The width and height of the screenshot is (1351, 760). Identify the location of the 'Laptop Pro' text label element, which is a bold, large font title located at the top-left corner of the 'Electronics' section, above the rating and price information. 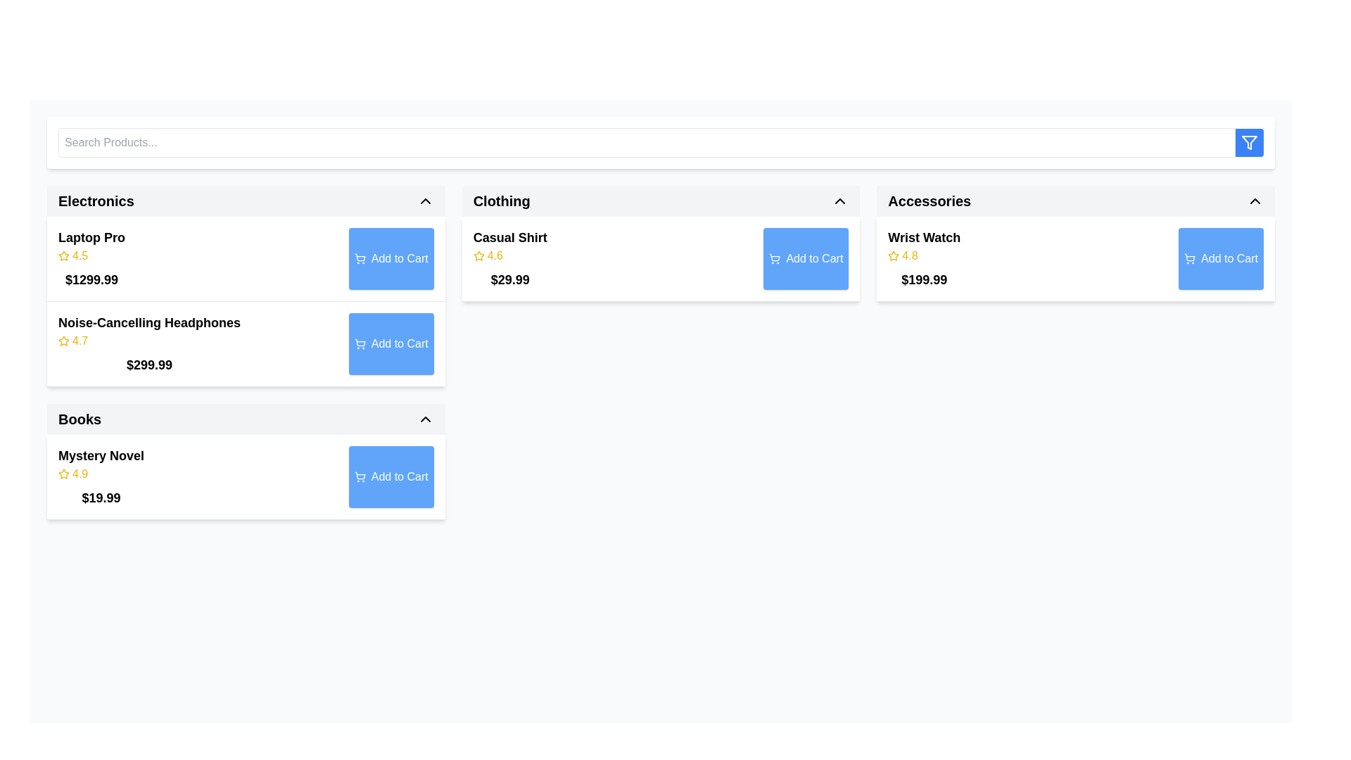
(91, 237).